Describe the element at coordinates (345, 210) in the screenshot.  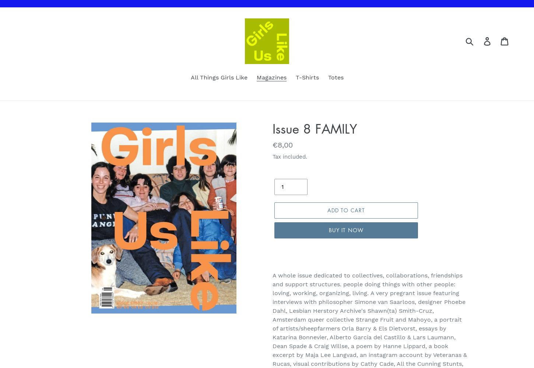
I see `'Add to cart'` at that location.